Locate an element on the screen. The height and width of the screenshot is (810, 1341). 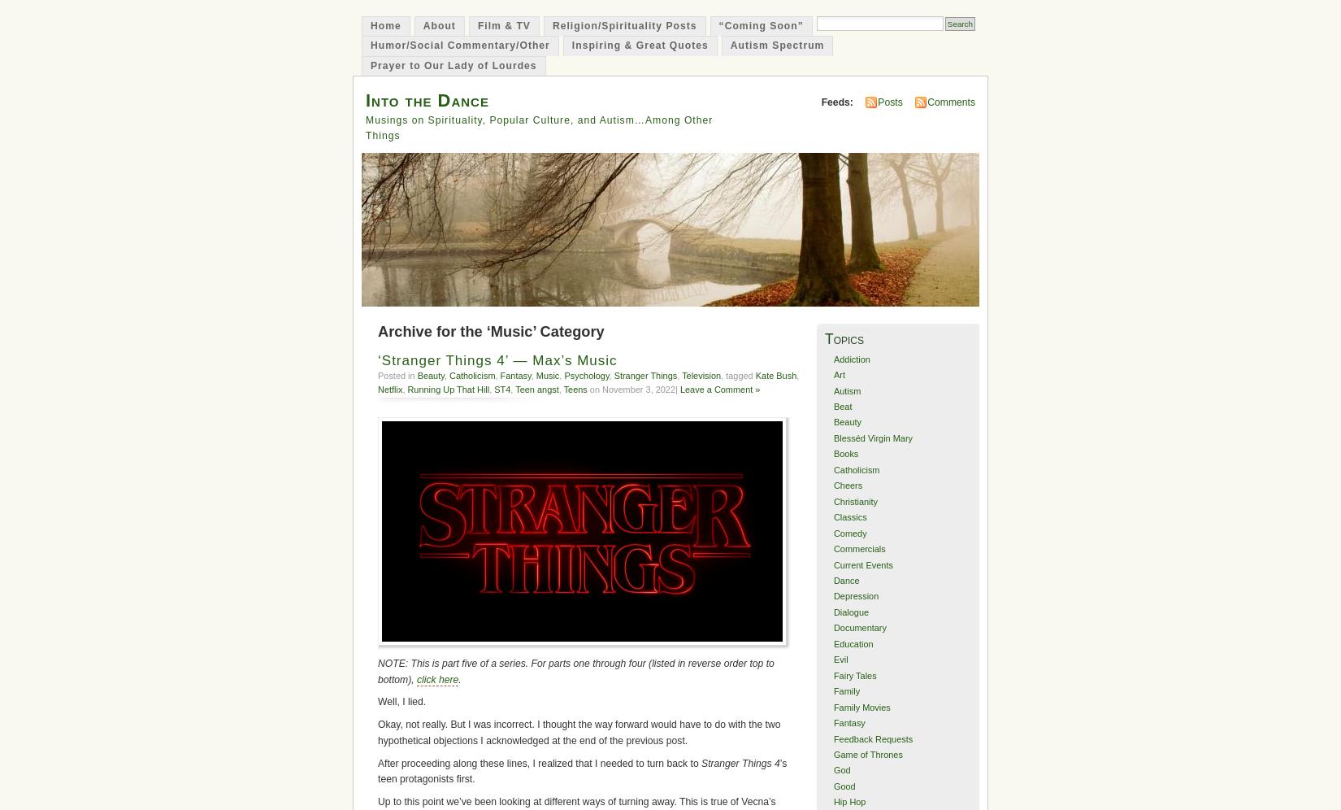
'Television' is located at coordinates (701, 374).